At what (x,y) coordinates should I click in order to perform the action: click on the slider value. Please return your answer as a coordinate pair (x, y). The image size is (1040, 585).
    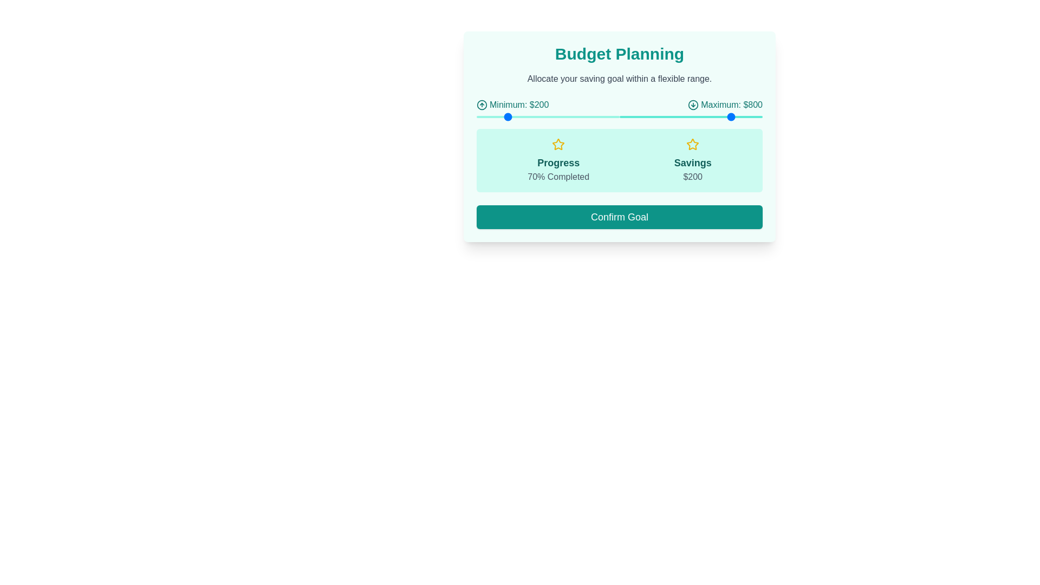
    Looking at the image, I should click on (583, 117).